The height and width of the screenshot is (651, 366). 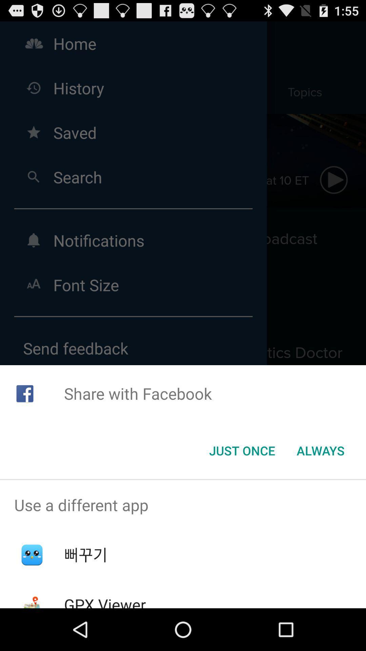 What do you see at coordinates (320, 451) in the screenshot?
I see `icon at the bottom right corner` at bounding box center [320, 451].